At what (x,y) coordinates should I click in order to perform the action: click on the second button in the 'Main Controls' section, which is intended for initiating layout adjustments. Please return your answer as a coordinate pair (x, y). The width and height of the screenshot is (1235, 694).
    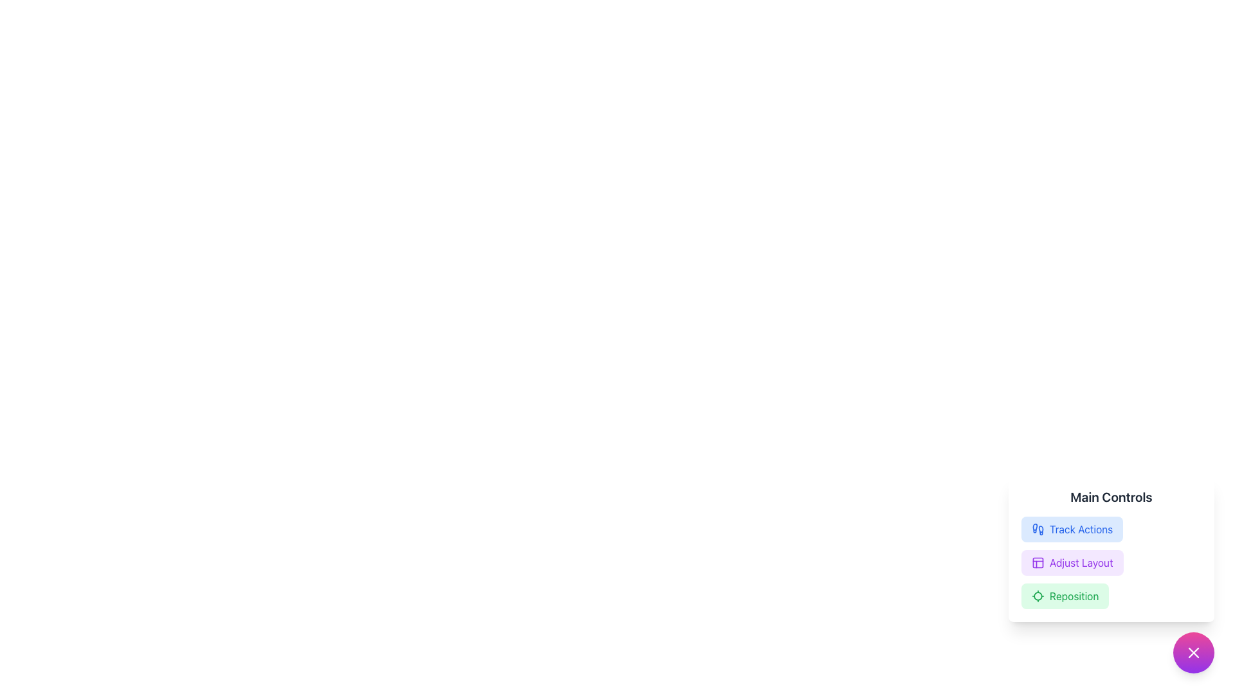
    Looking at the image, I should click on (1072, 562).